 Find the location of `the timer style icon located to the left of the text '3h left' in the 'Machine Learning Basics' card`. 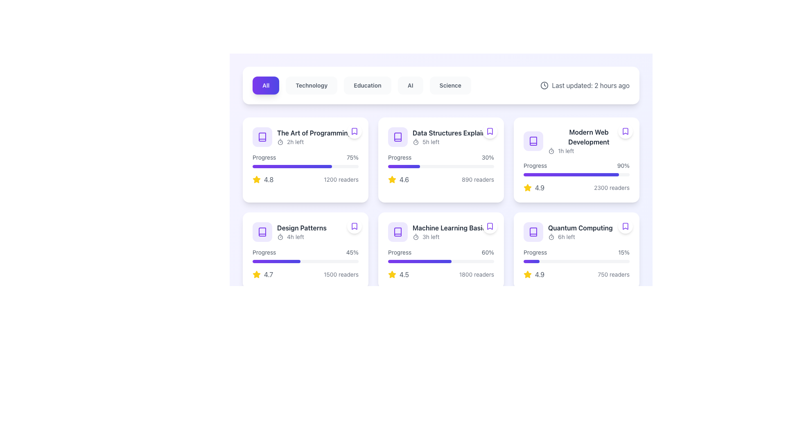

the timer style icon located to the left of the text '3h left' in the 'Machine Learning Basics' card is located at coordinates (416, 237).